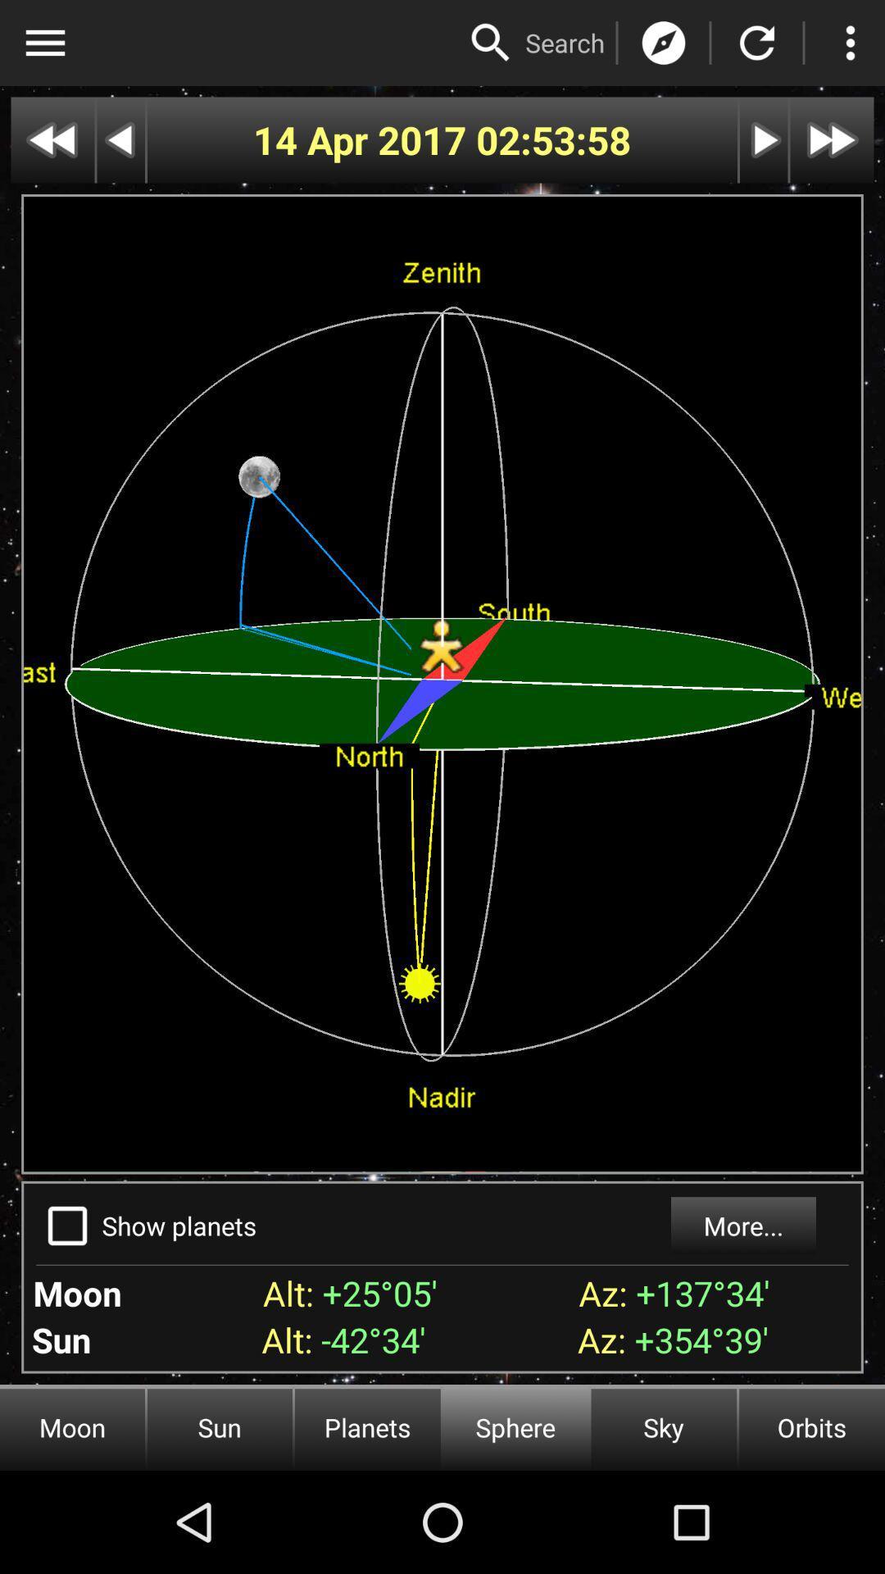  I want to click on the search icon, so click(490, 43).